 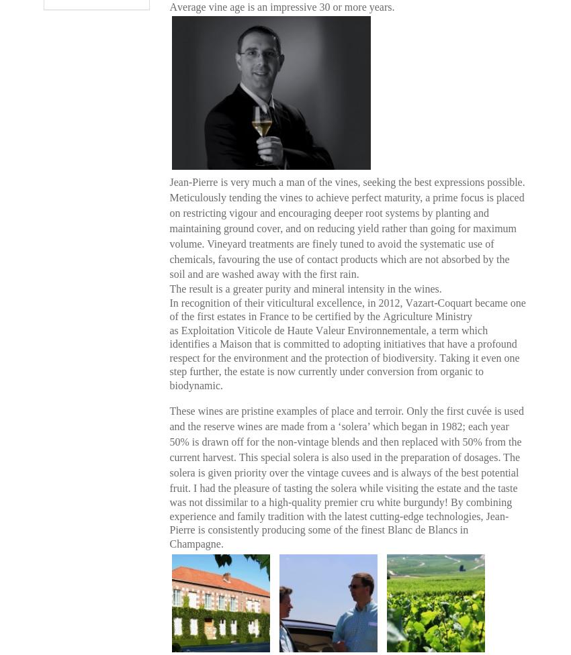 I want to click on 'In recognition of their', so click(x=218, y=301).